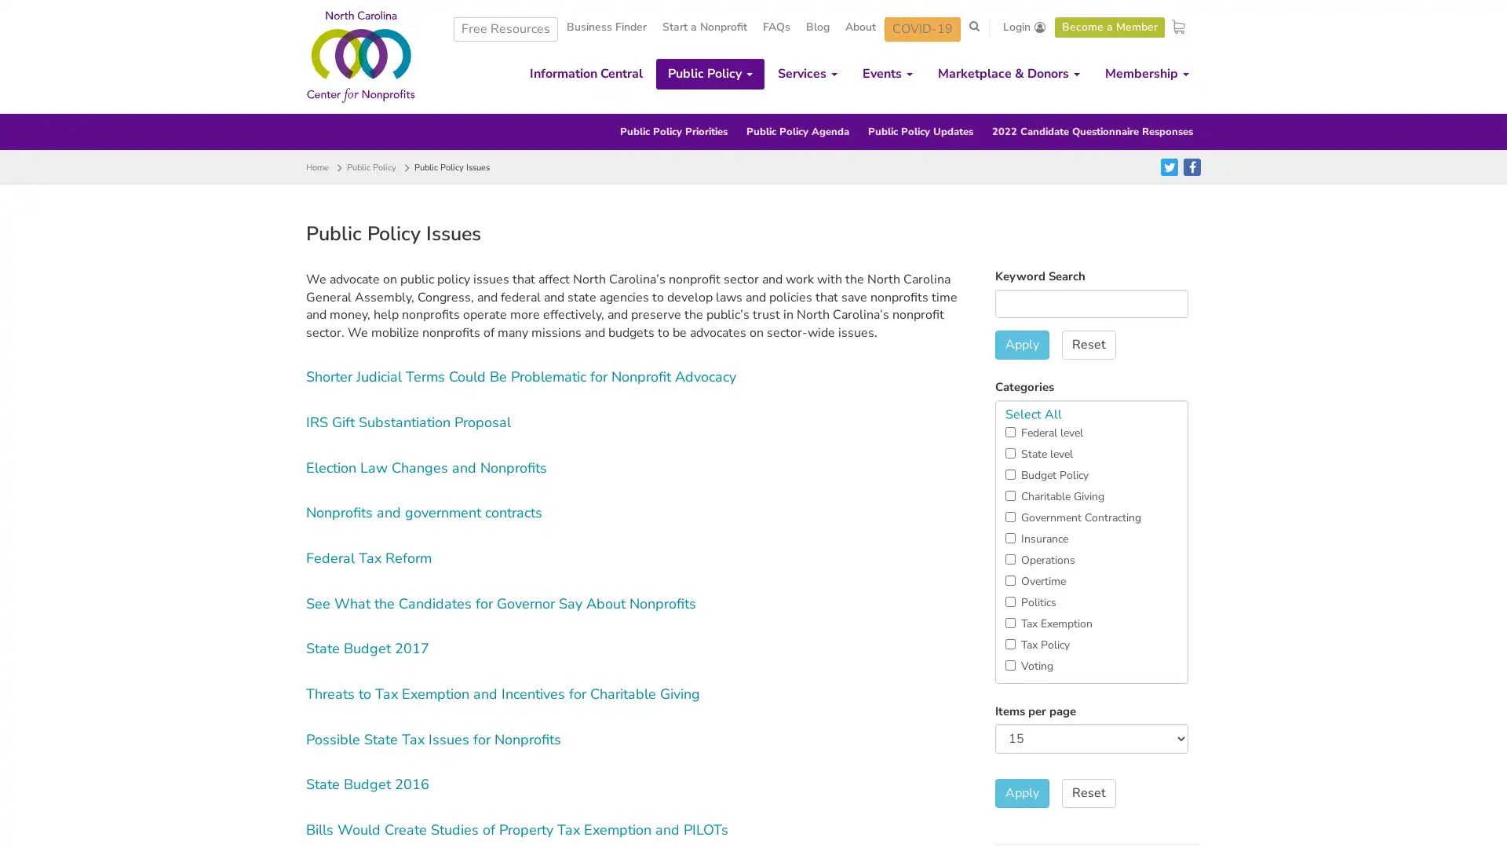 The height and width of the screenshot is (848, 1507). What do you see at coordinates (1087, 793) in the screenshot?
I see `Reset` at bounding box center [1087, 793].